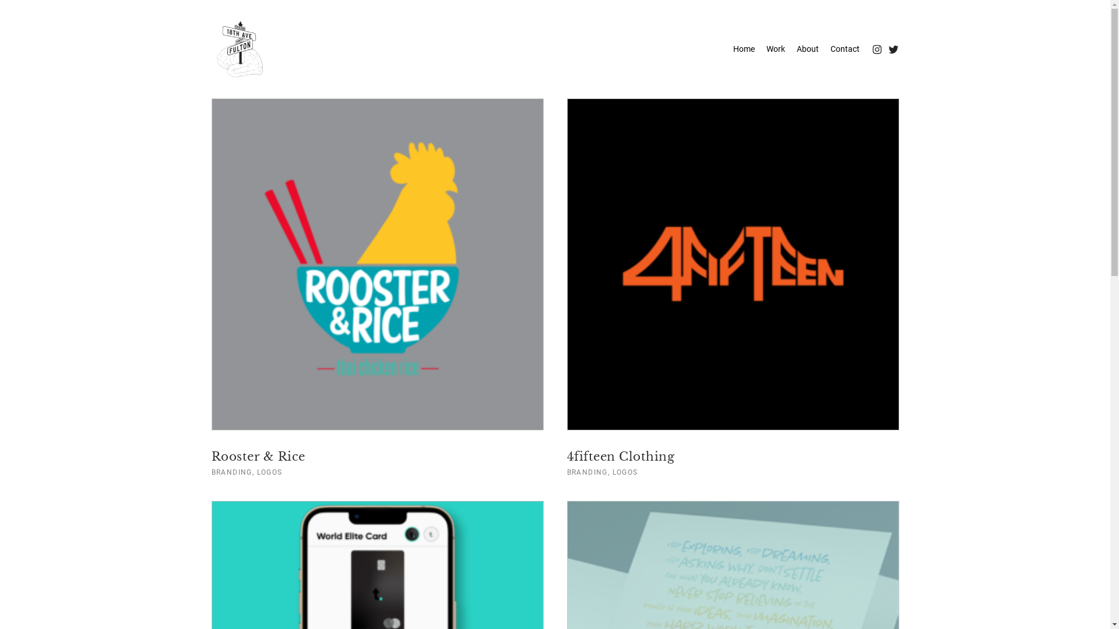 The width and height of the screenshot is (1119, 629). I want to click on 'BRANDING', so click(587, 472).